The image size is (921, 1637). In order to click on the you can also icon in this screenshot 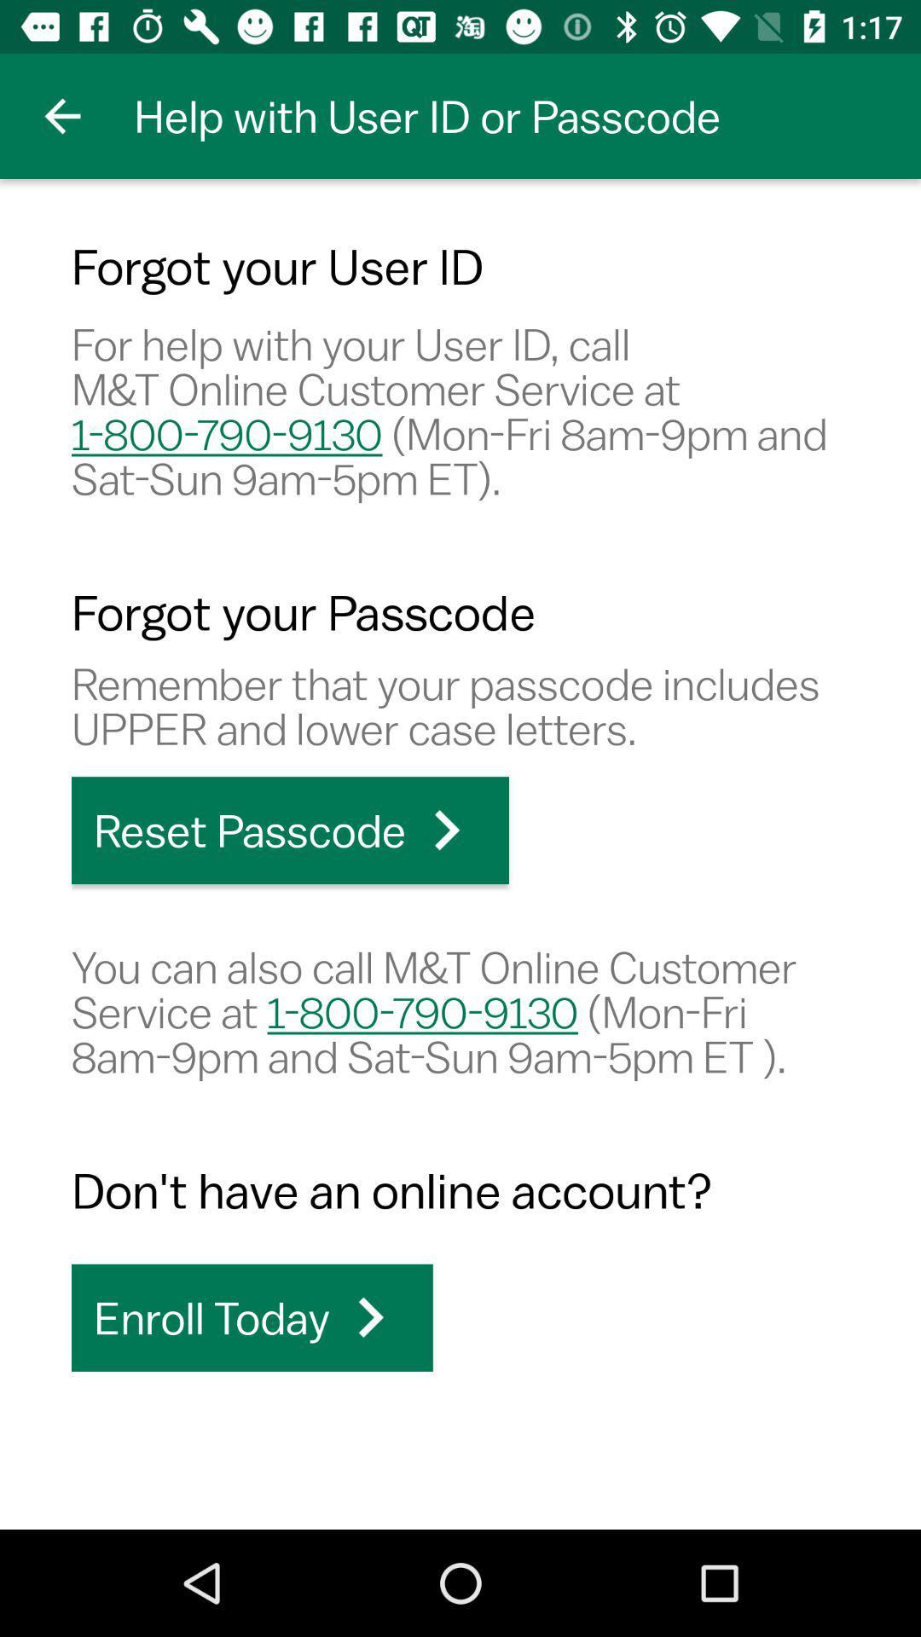, I will do `click(460, 1011)`.